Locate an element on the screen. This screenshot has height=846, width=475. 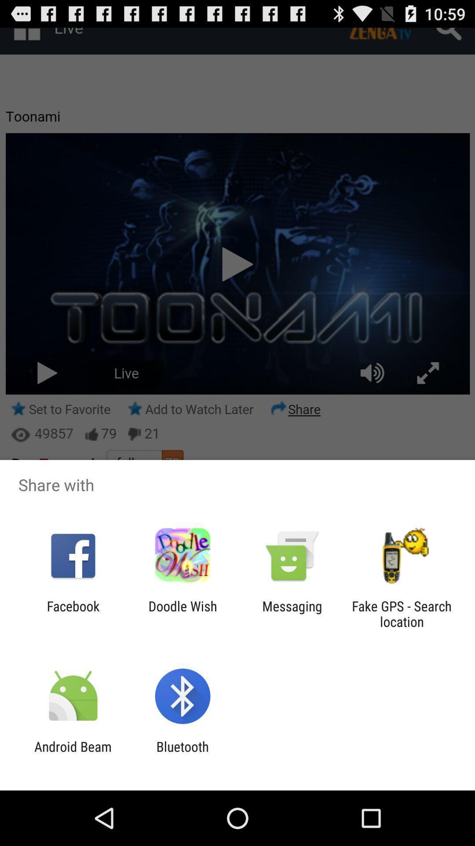
the app to the right of the messaging item is located at coordinates (402, 613).